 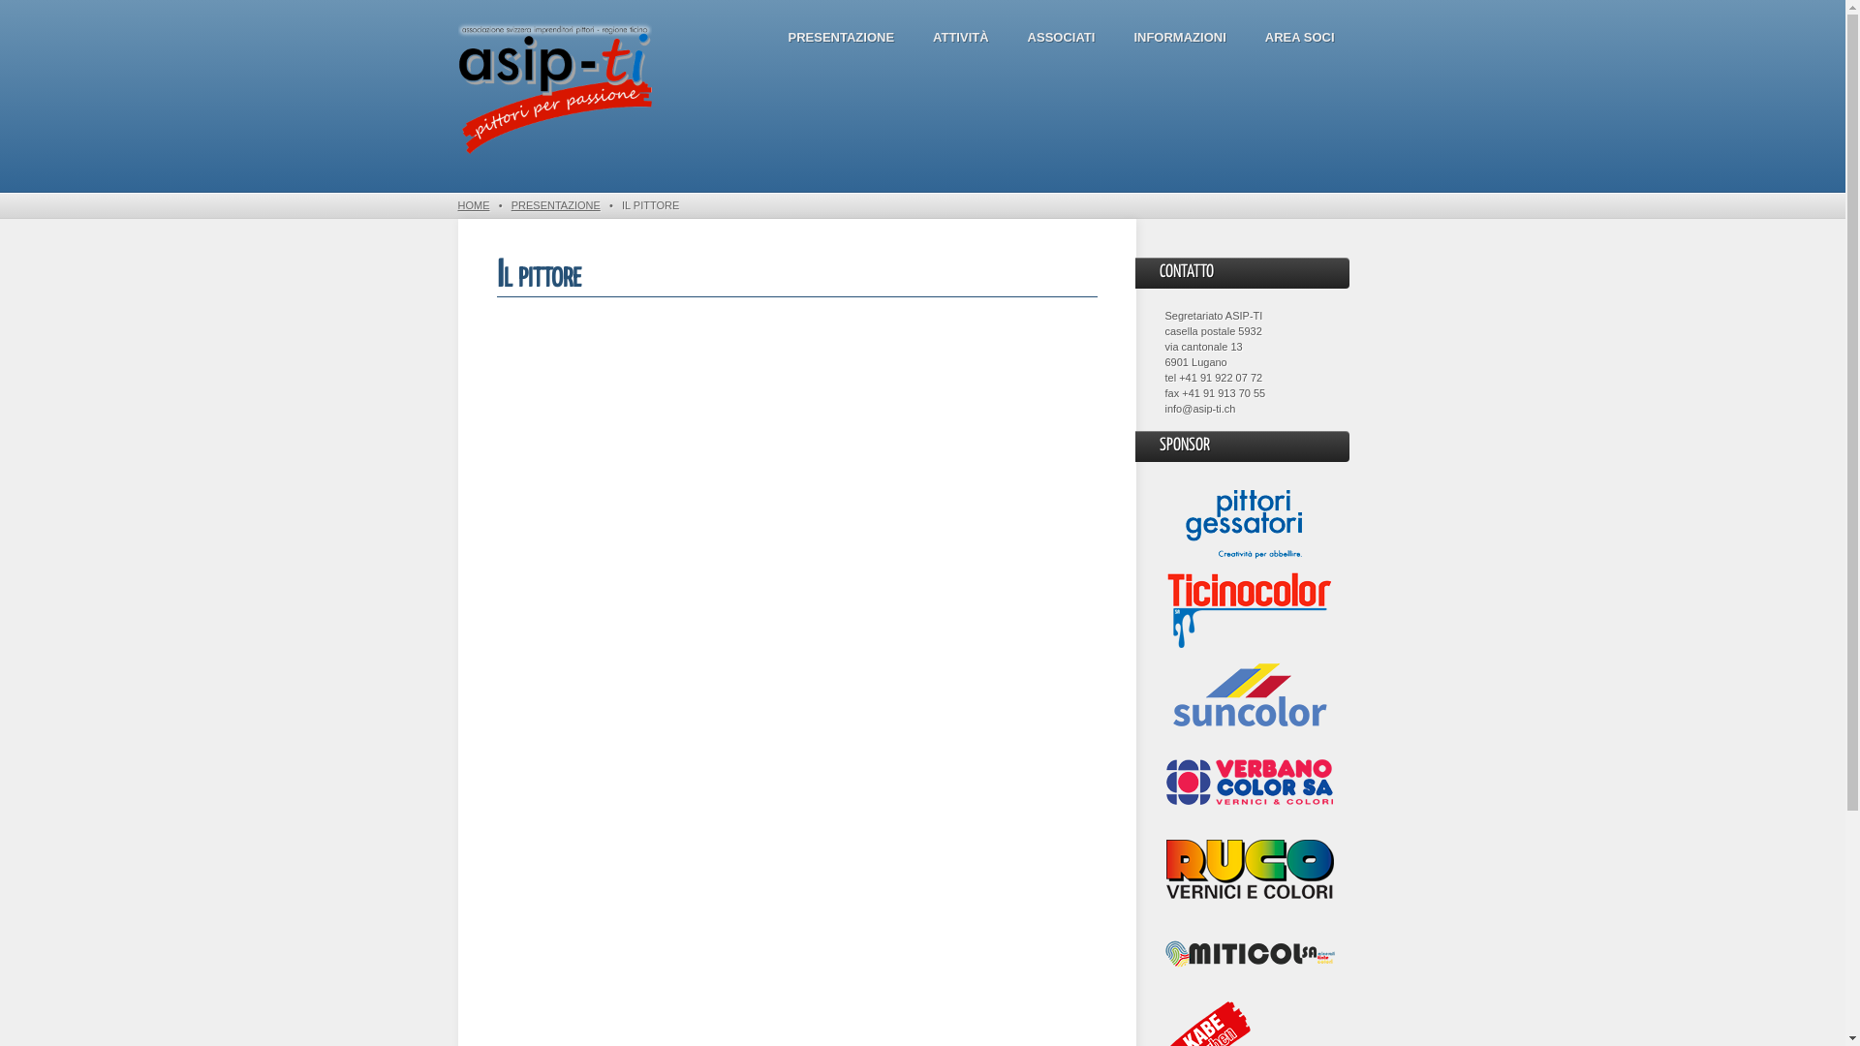 What do you see at coordinates (473, 205) in the screenshot?
I see `'HOME'` at bounding box center [473, 205].